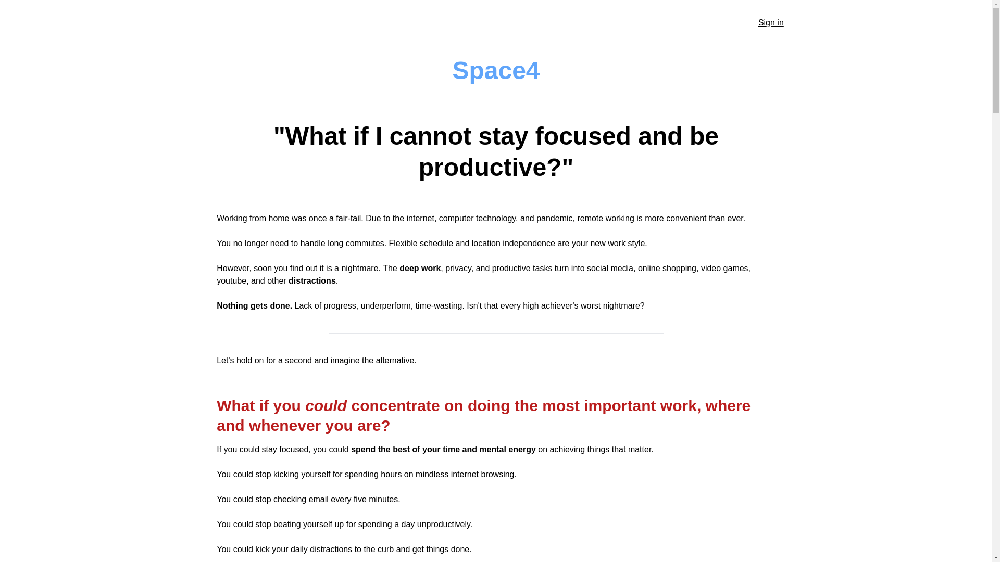 Image resolution: width=1000 pixels, height=562 pixels. Describe the element at coordinates (771, 22) in the screenshot. I see `'Sign in'` at that location.